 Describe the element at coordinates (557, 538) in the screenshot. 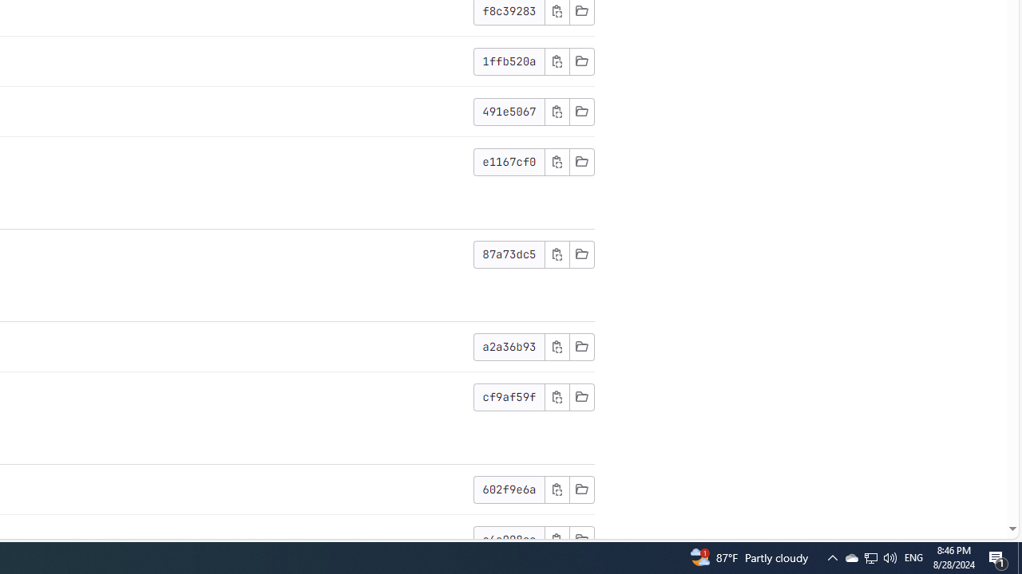

I see `'Class: s16 gl-icon gl-button-icon '` at that location.